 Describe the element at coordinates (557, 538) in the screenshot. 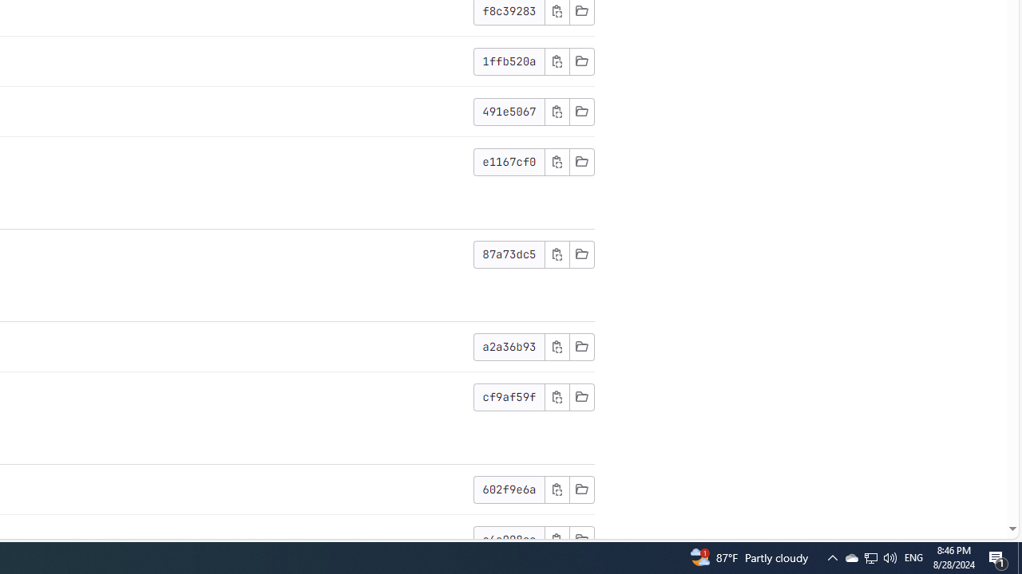

I see `'Class: s16 gl-icon gl-button-icon '` at that location.